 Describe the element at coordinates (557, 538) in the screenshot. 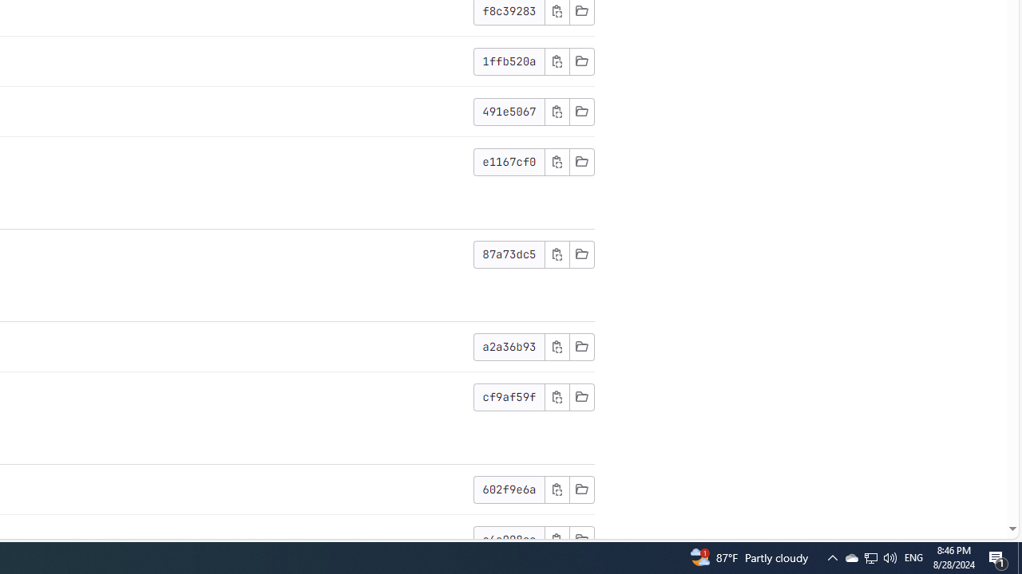

I see `'Class: s16 gl-icon gl-button-icon '` at that location.